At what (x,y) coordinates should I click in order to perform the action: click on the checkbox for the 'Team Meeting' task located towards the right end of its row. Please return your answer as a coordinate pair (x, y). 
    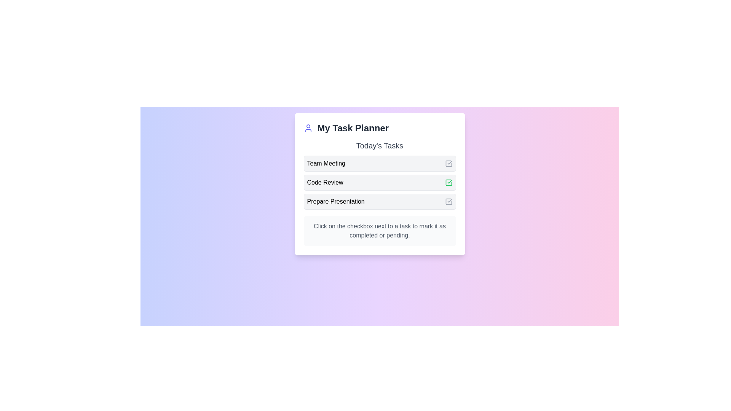
    Looking at the image, I should click on (448, 163).